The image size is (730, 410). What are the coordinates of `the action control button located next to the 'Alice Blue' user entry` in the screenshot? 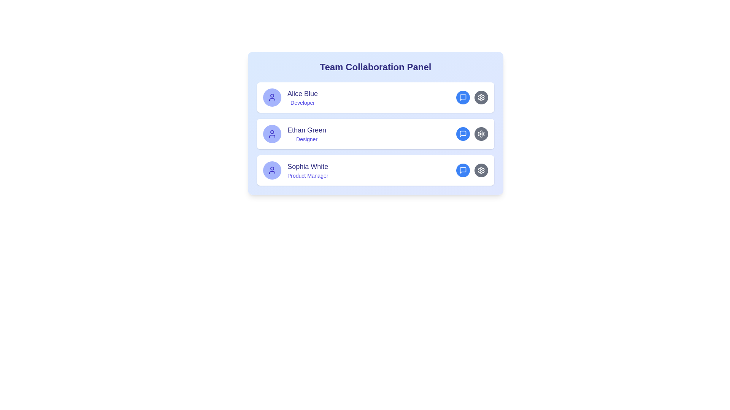 It's located at (463, 97).